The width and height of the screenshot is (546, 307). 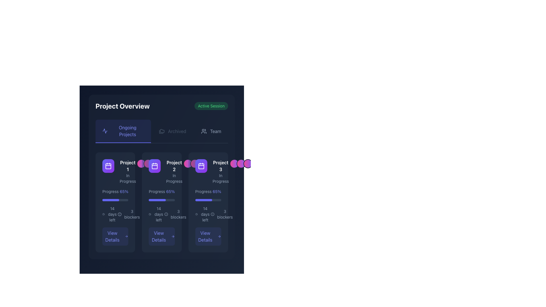 What do you see at coordinates (112, 237) in the screenshot?
I see `the button-like text link located at the bottom of the 'Project 1' card` at bounding box center [112, 237].